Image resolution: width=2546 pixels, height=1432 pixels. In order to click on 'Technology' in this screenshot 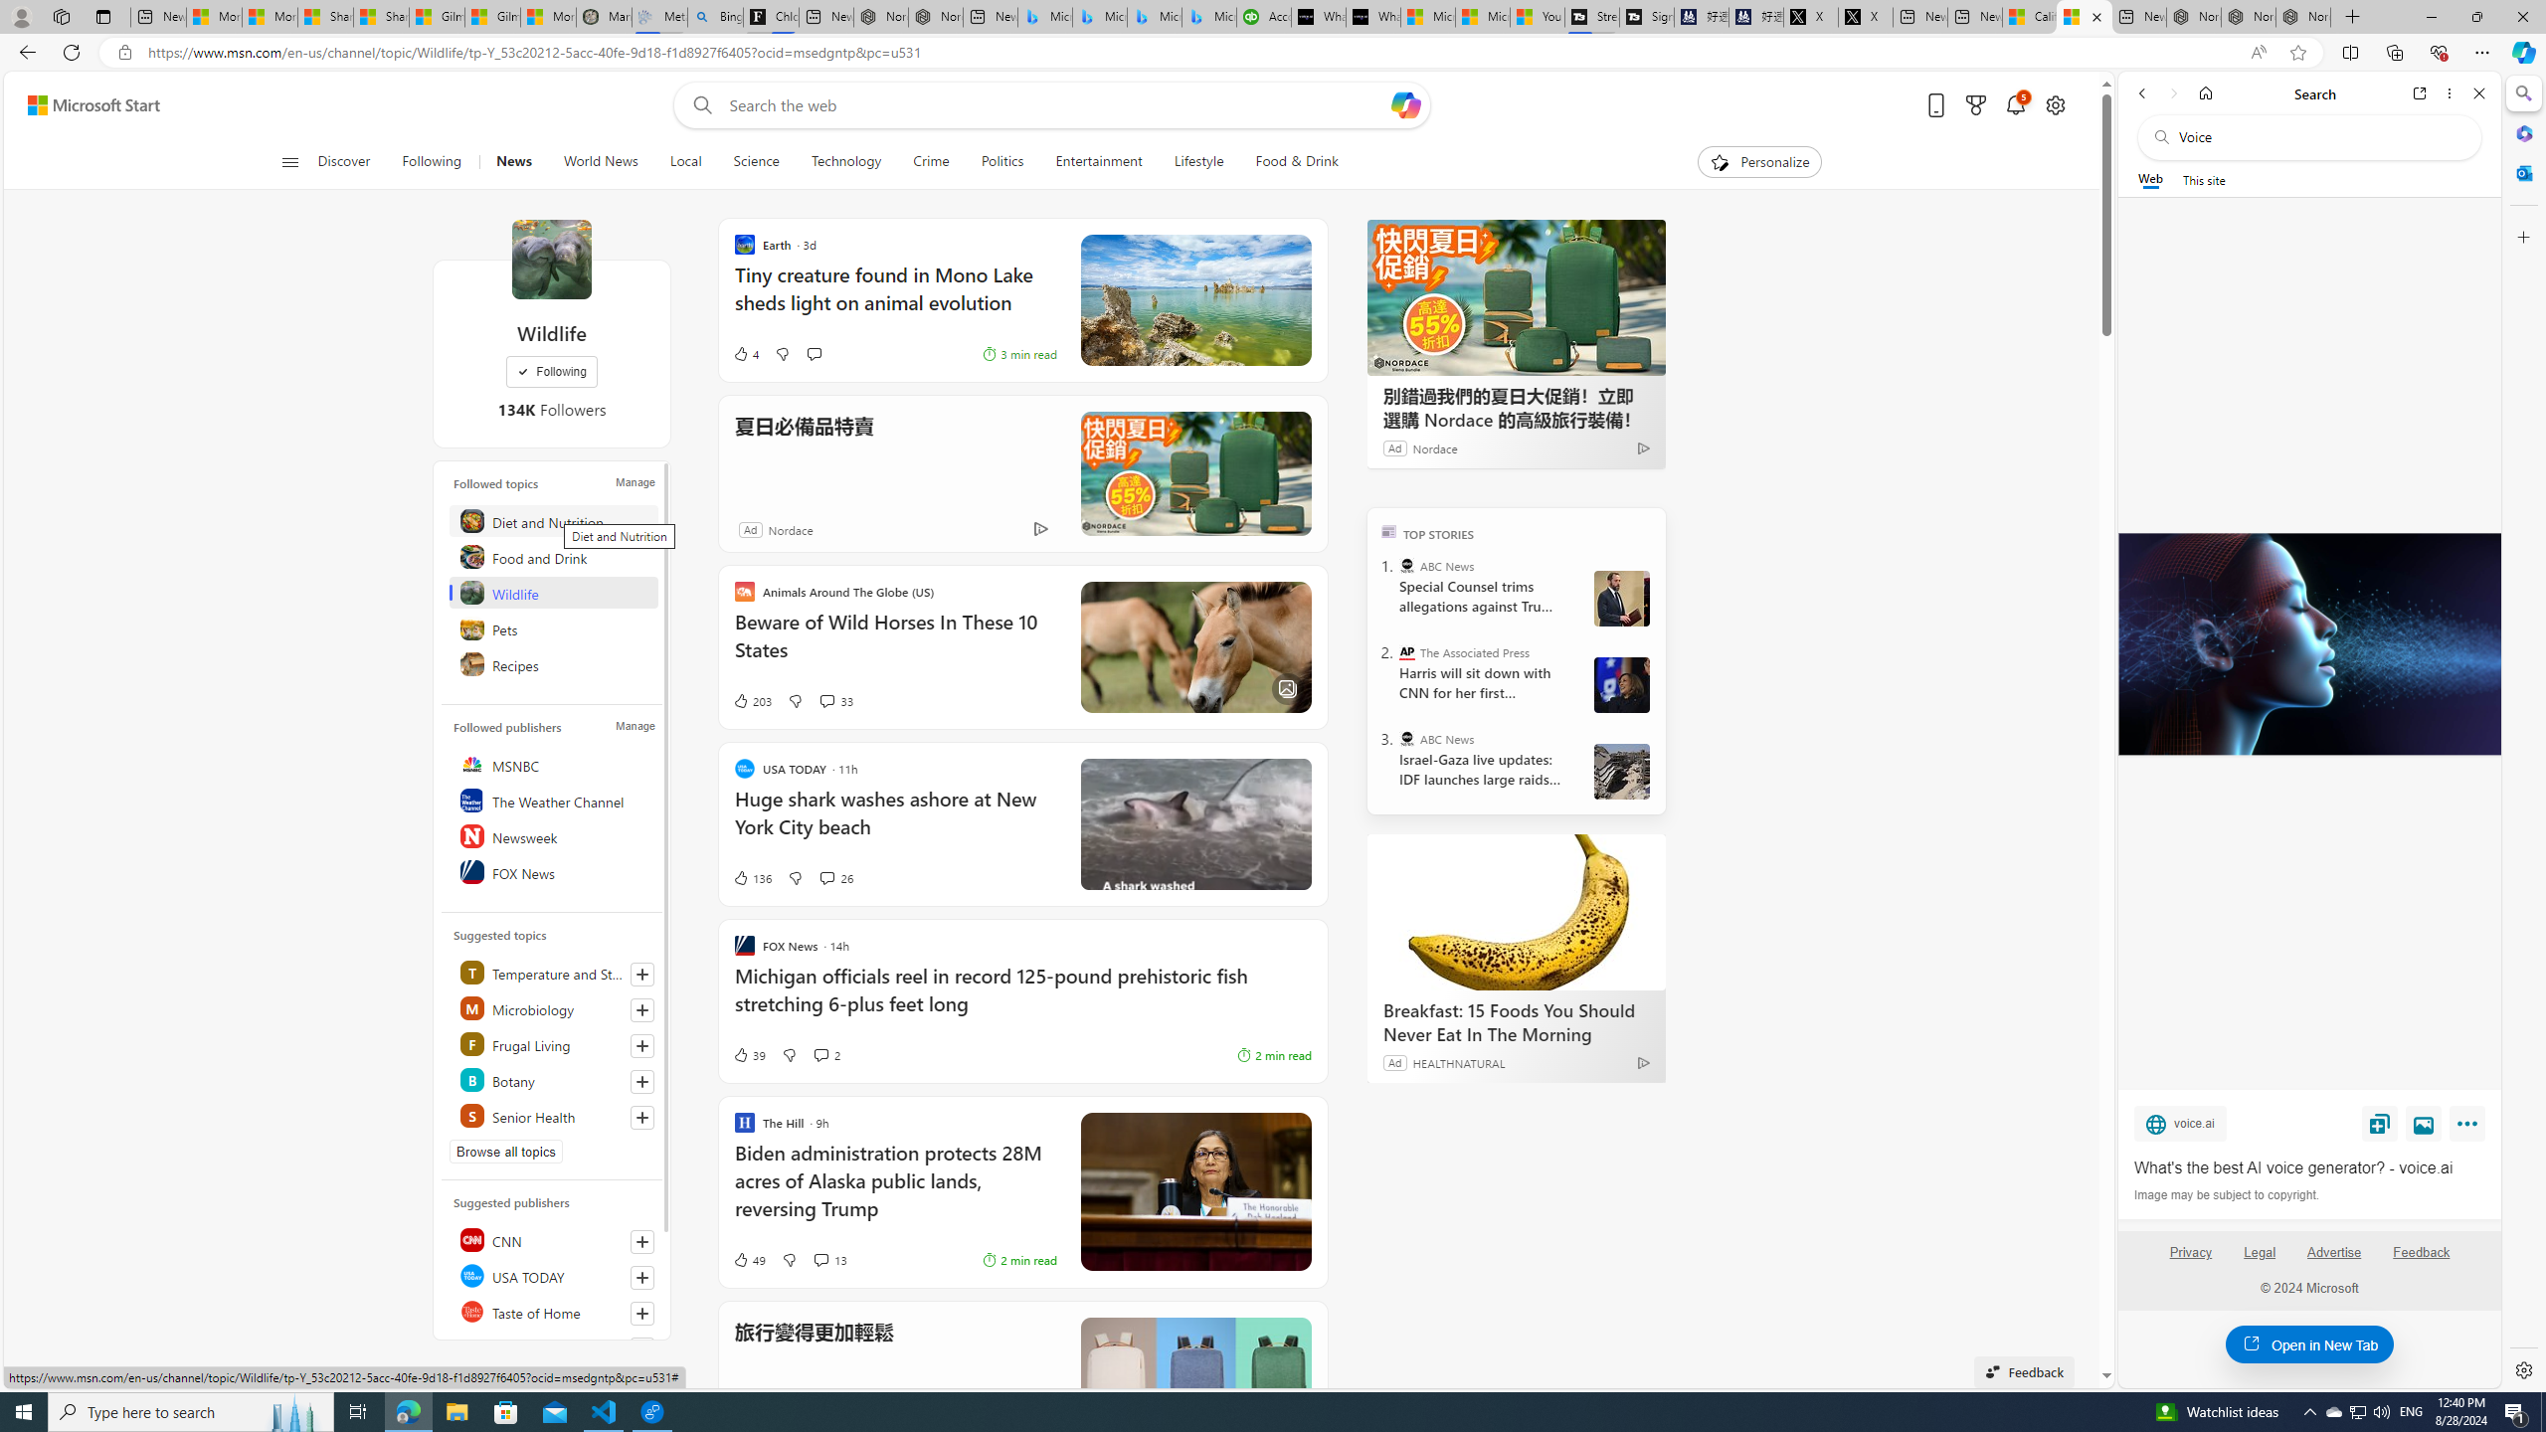, I will do `click(843, 161)`.